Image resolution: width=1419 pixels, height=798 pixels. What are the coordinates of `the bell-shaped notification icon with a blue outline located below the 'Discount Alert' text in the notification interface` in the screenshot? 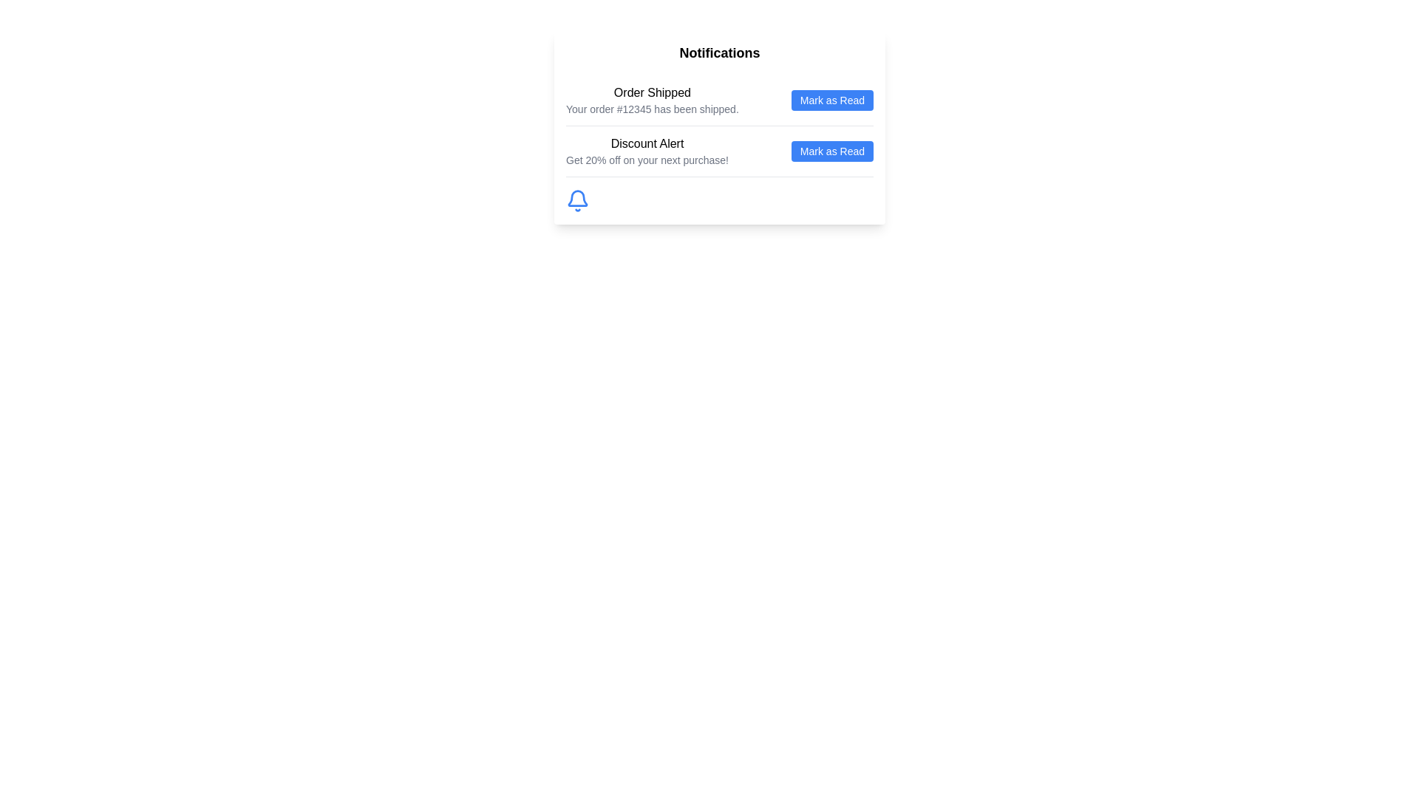 It's located at (577, 201).